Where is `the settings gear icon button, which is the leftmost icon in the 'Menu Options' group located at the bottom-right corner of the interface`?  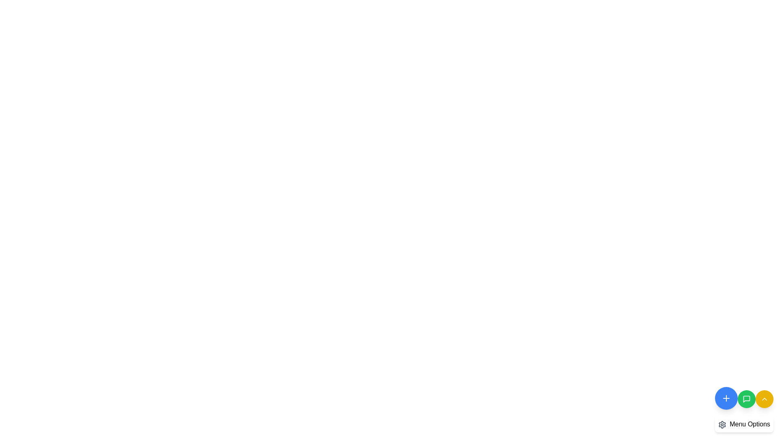 the settings gear icon button, which is the leftmost icon in the 'Menu Options' group located at the bottom-right corner of the interface is located at coordinates (722, 424).